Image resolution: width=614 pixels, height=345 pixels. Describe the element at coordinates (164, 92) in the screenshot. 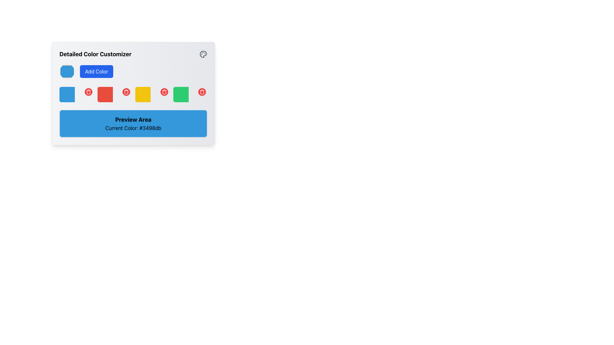

I see `the red trash bin icon button located to the right of the yellow square color swatch` at that location.